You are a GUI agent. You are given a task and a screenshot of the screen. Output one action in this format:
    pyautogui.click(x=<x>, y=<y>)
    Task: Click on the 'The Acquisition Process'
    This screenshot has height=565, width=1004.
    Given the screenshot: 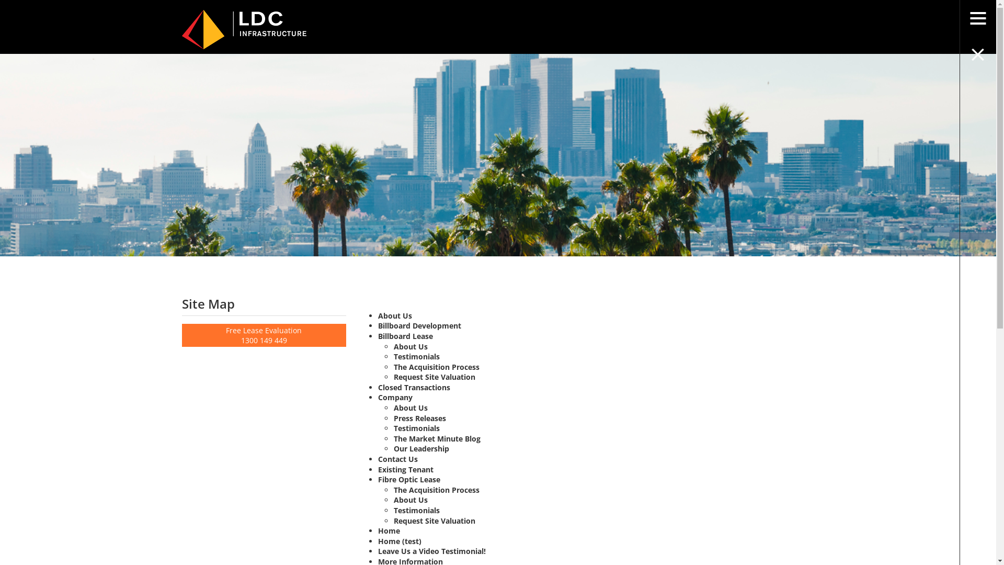 What is the action you would take?
    pyautogui.click(x=437, y=490)
    